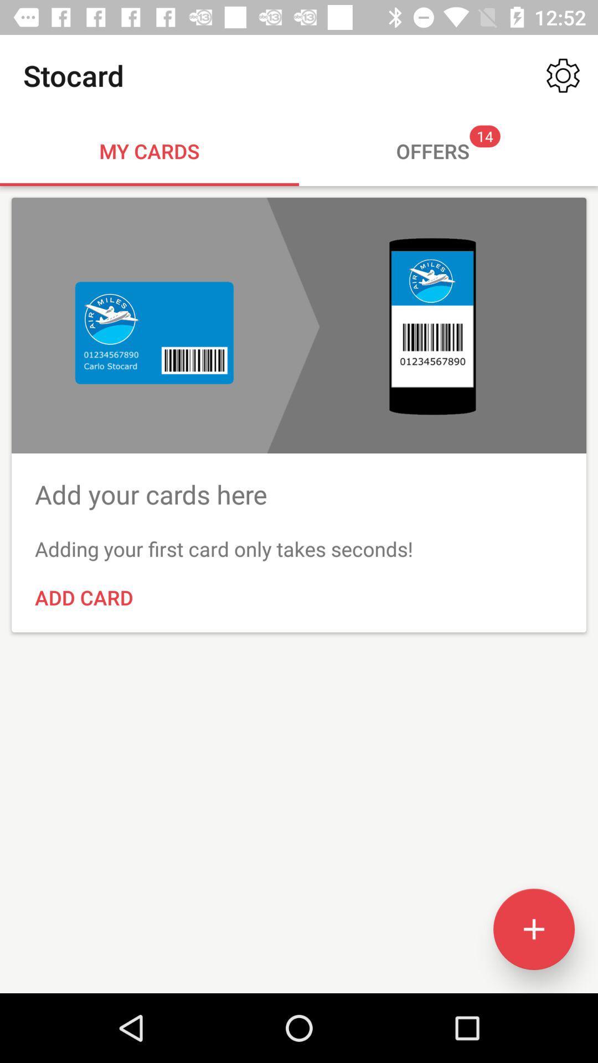 This screenshot has width=598, height=1063. What do you see at coordinates (533, 929) in the screenshot?
I see `the add icon` at bounding box center [533, 929].